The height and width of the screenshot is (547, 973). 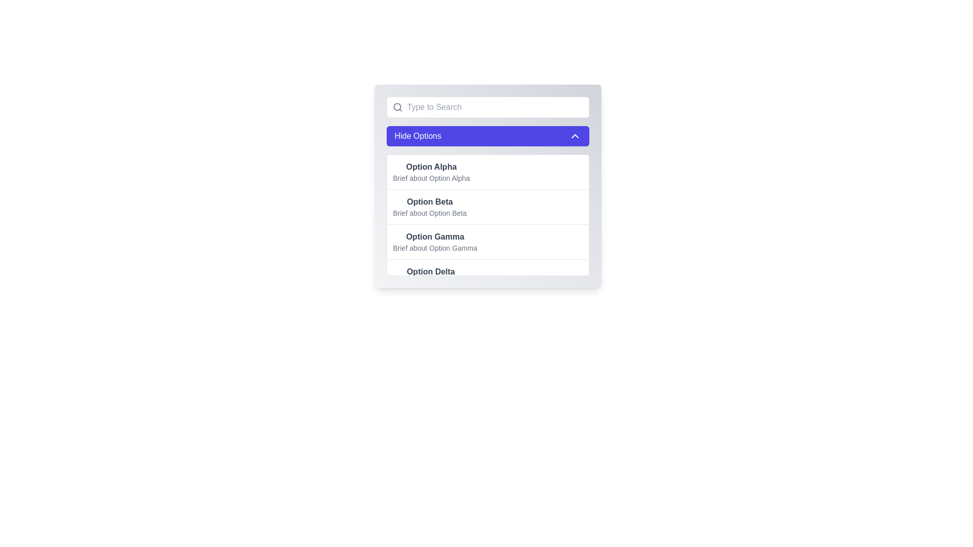 What do you see at coordinates (430, 206) in the screenshot?
I see `the List item that contains the bold text 'Option Beta' and the smaller text 'Brief about Option Beta', which is located between 'Option Alpha' and 'Option Gamma'` at bounding box center [430, 206].